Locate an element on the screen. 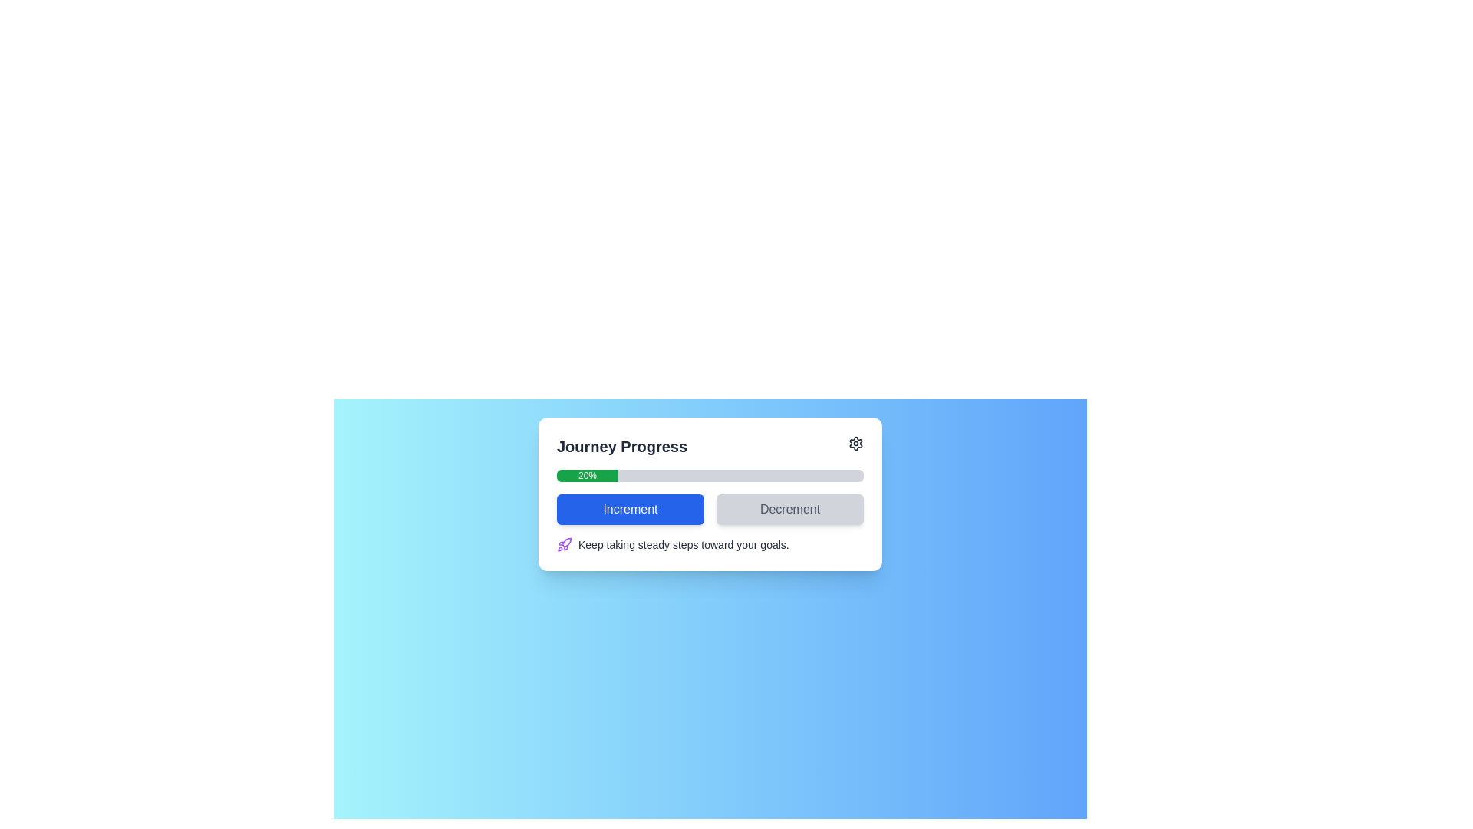 This screenshot has width=1473, height=829. the settings gear icon located near the top-right corner of the 'Journey Progress' section header is located at coordinates (855, 444).